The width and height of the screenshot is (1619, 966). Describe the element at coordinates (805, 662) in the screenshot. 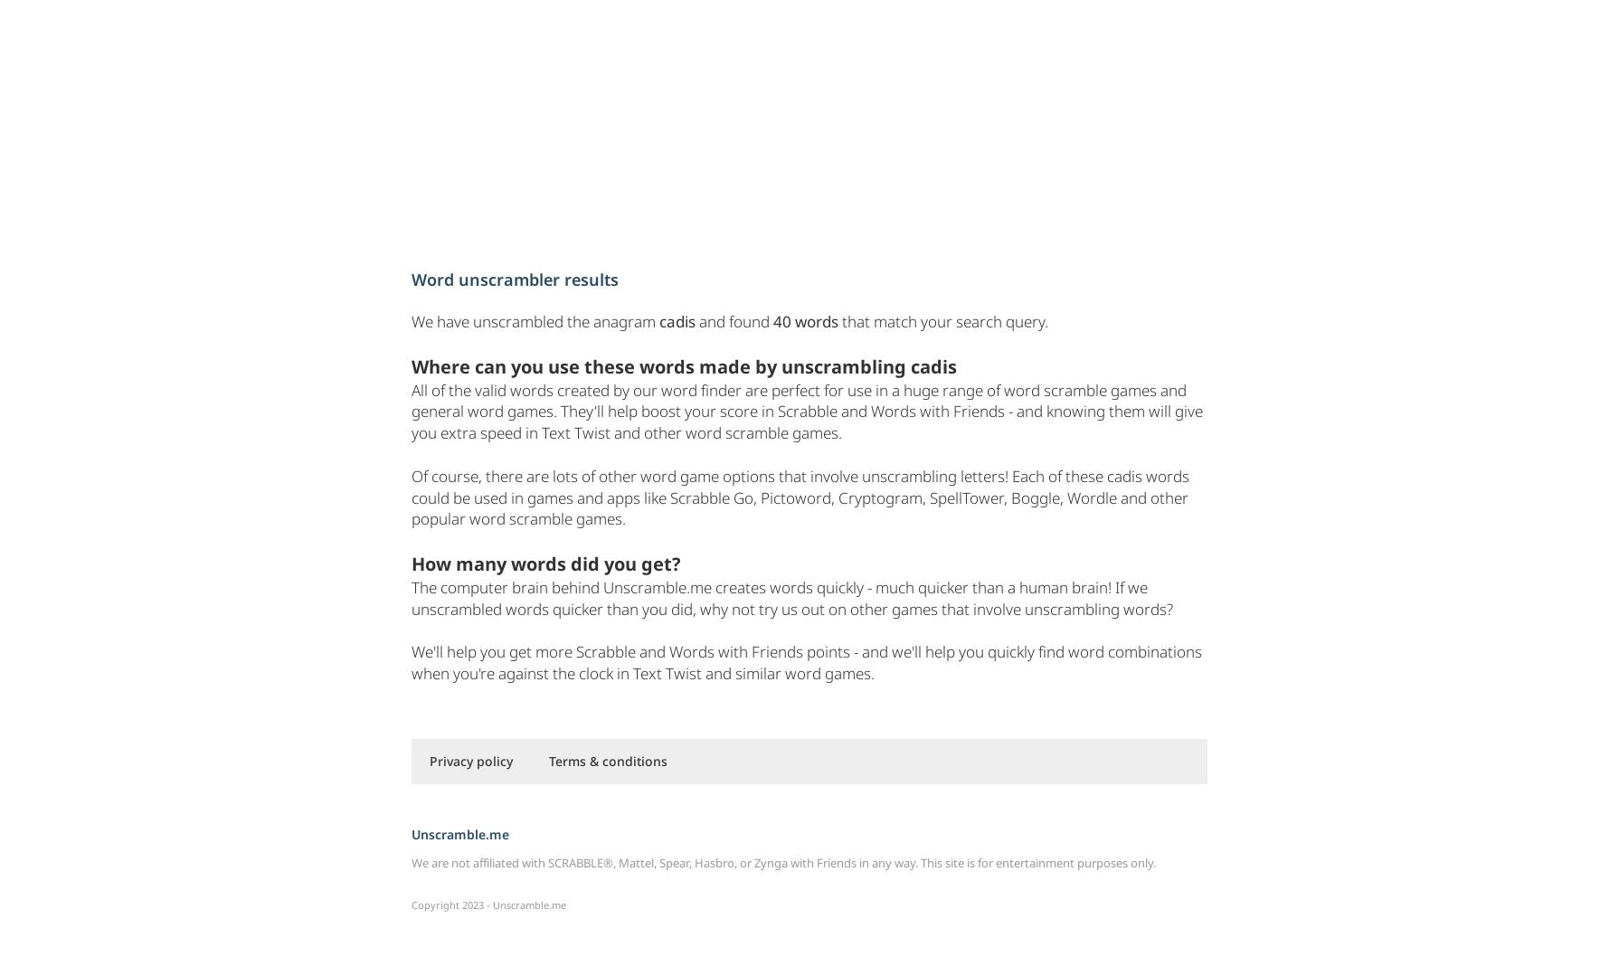

I see `'We'll help you get more Scrabble and Words with Friends points - and we'll help you quickly find word combinations when you're against the clock in Text Twist and similar word games.'` at that location.